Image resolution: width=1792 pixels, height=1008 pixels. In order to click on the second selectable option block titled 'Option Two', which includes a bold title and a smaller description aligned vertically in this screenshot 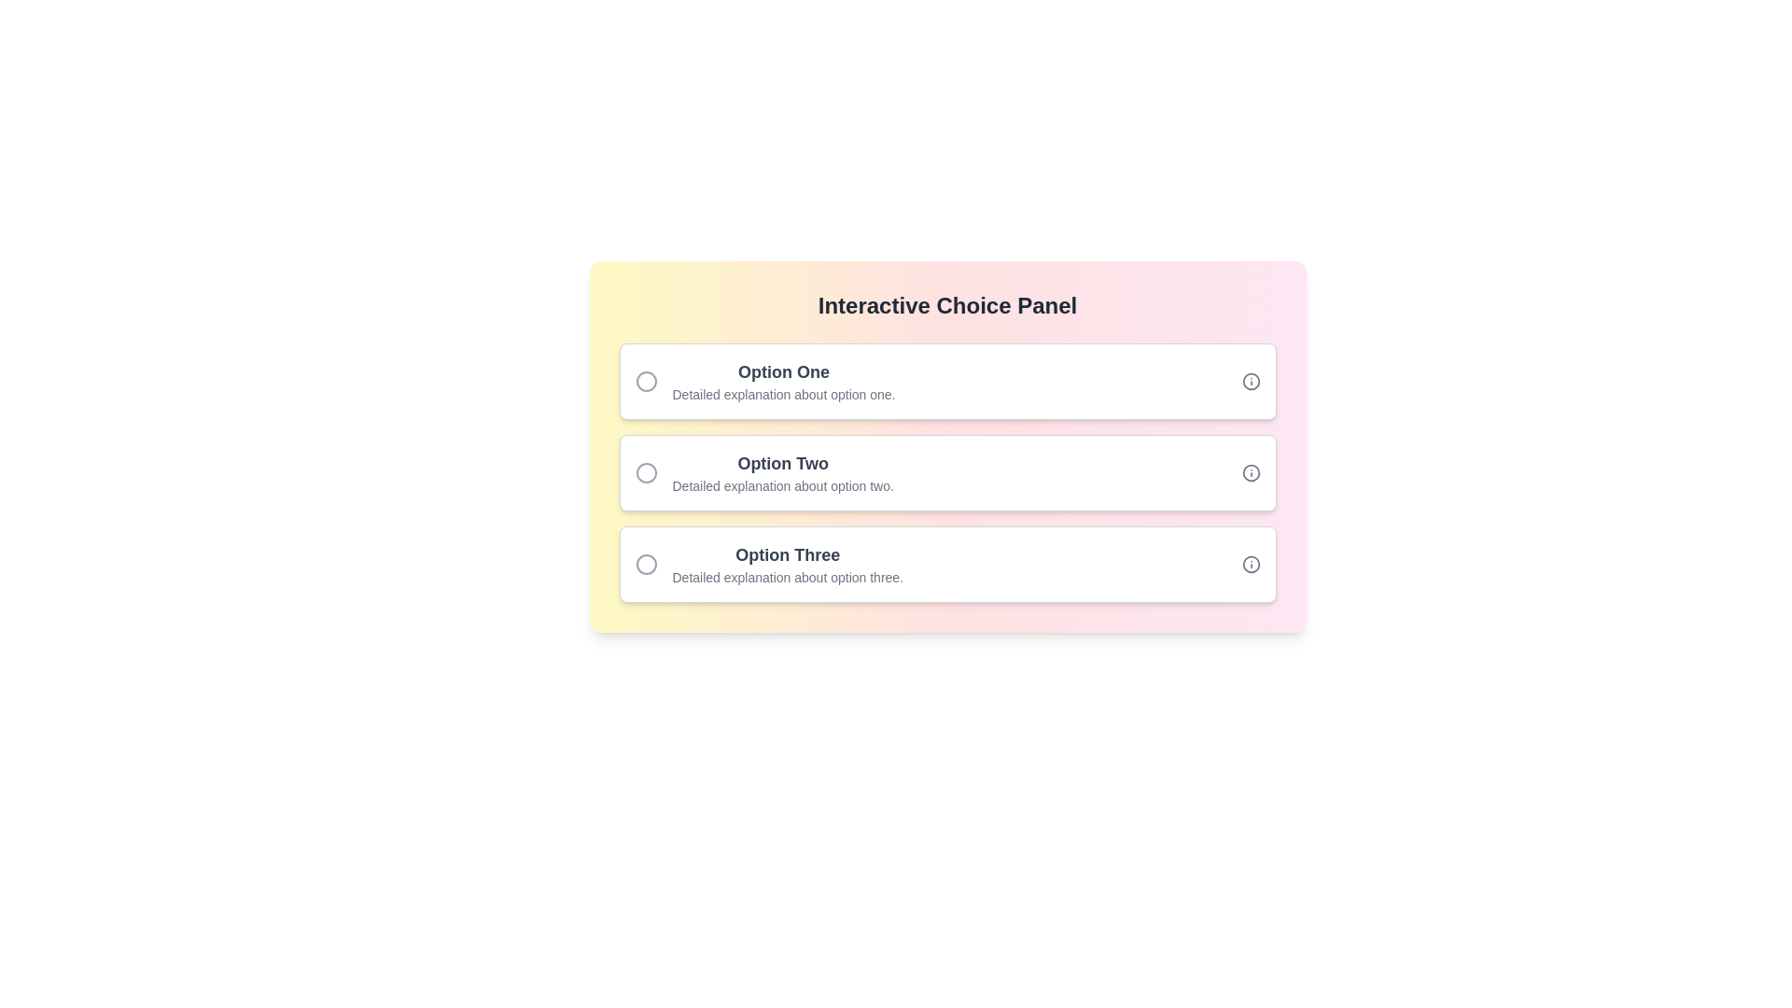, I will do `click(783, 471)`.